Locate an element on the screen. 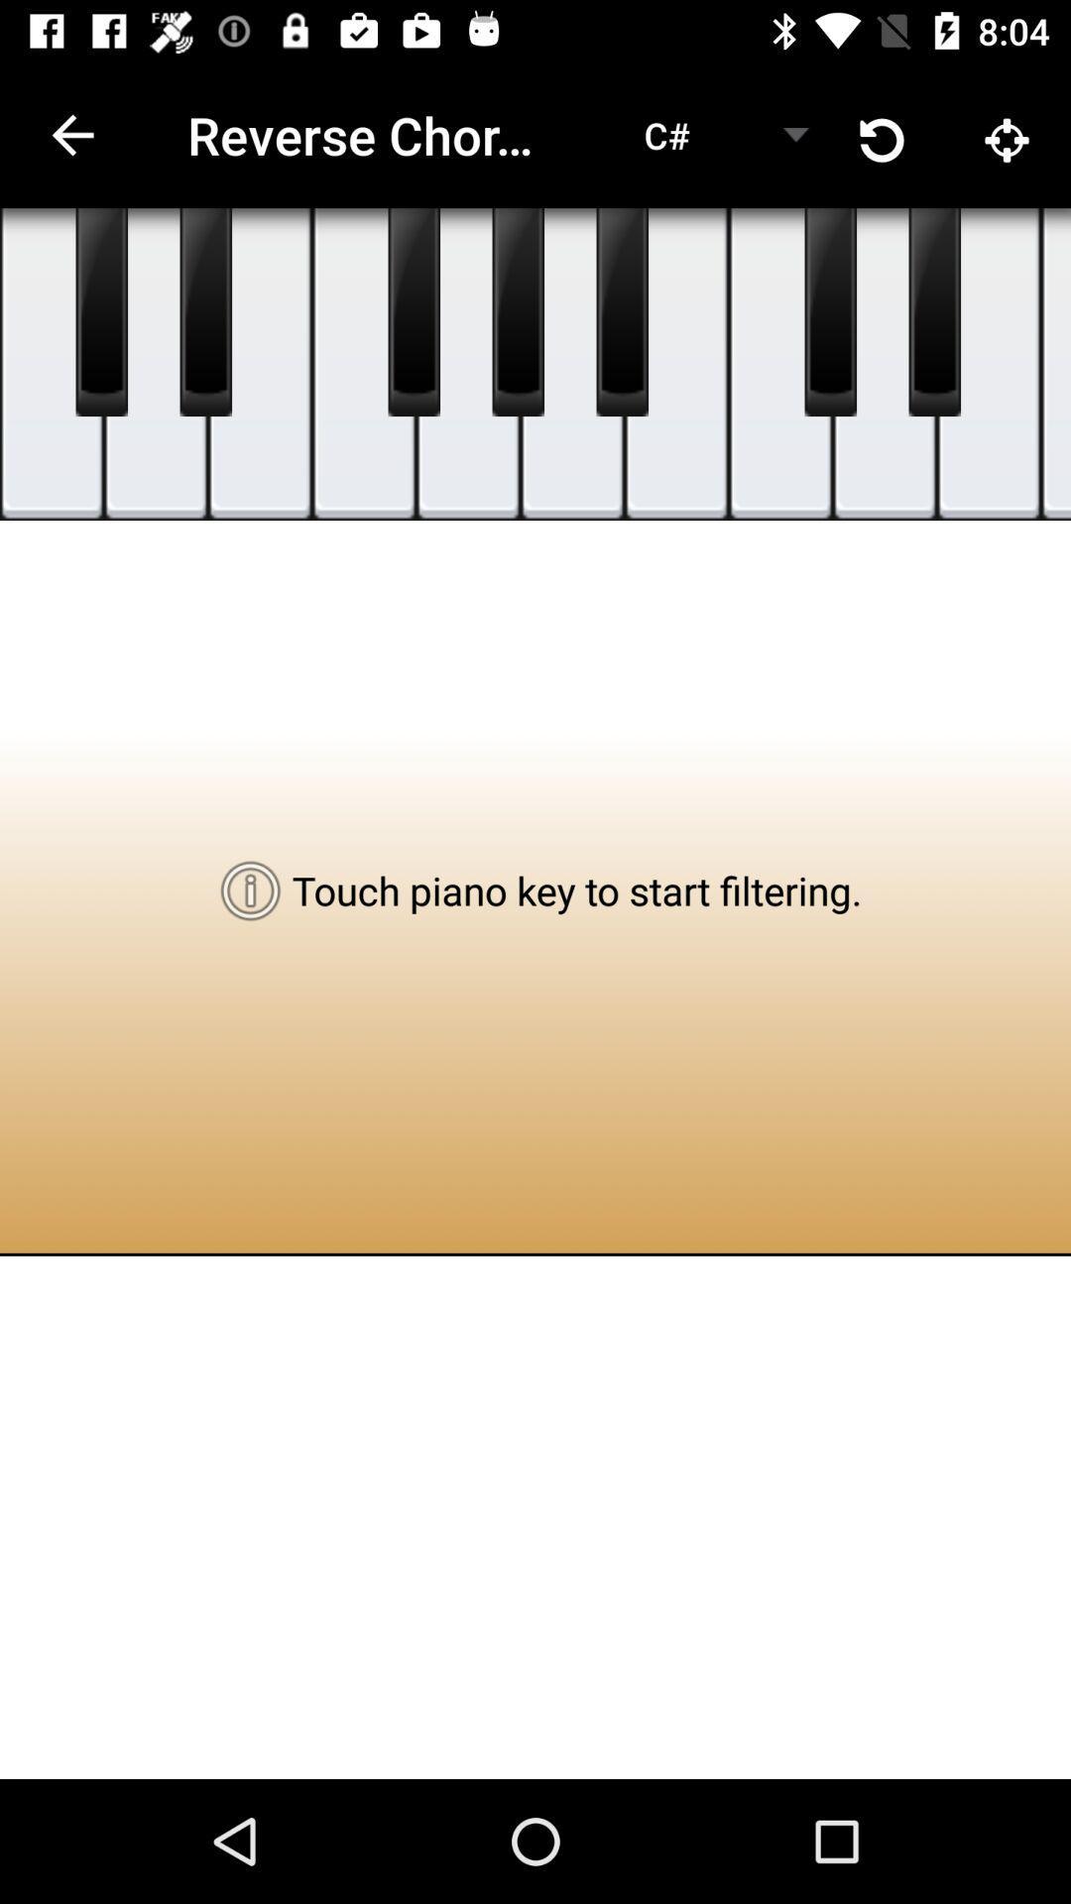 This screenshot has height=1904, width=1071. note on piano is located at coordinates (364, 364).